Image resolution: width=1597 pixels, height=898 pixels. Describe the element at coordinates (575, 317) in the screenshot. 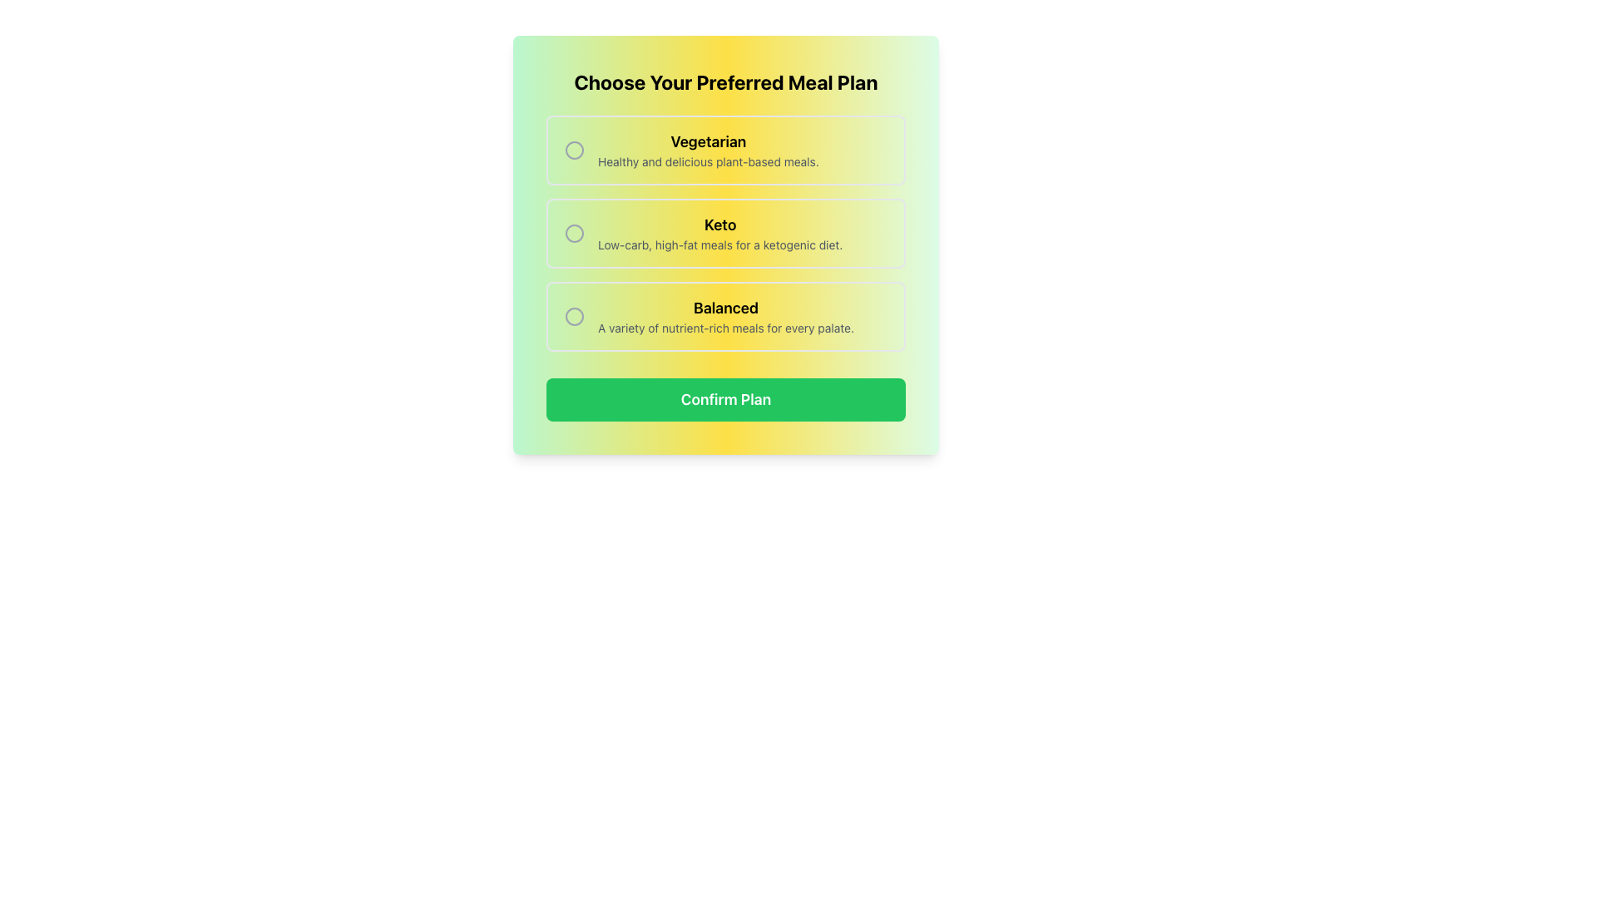

I see `the circular radio button for the 'Balanced' meal option` at that location.